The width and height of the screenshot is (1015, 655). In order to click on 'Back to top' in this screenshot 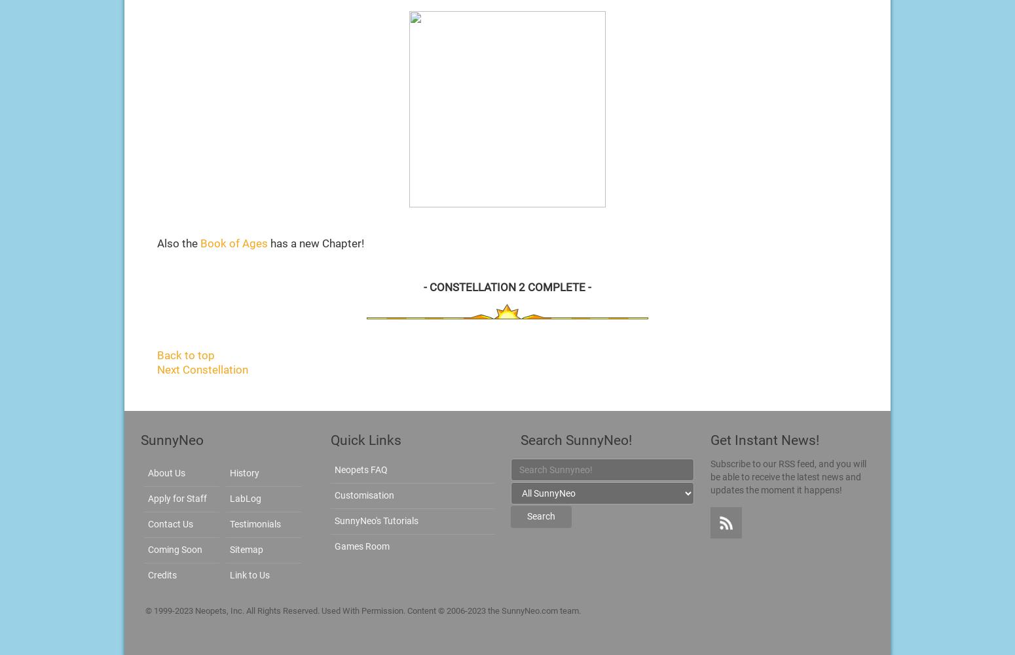, I will do `click(157, 354)`.